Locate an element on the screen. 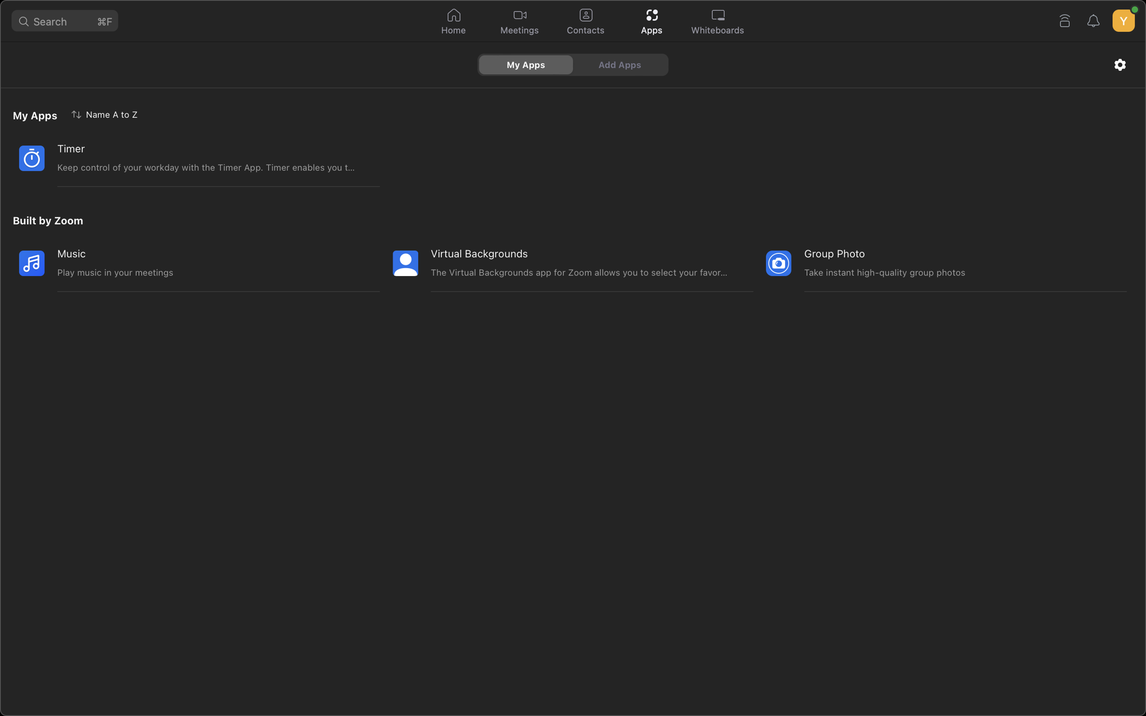 Image resolution: width=1146 pixels, height=716 pixels. Look for the contact "Indiana Jones" in the contacts application is located at coordinates (585, 22).